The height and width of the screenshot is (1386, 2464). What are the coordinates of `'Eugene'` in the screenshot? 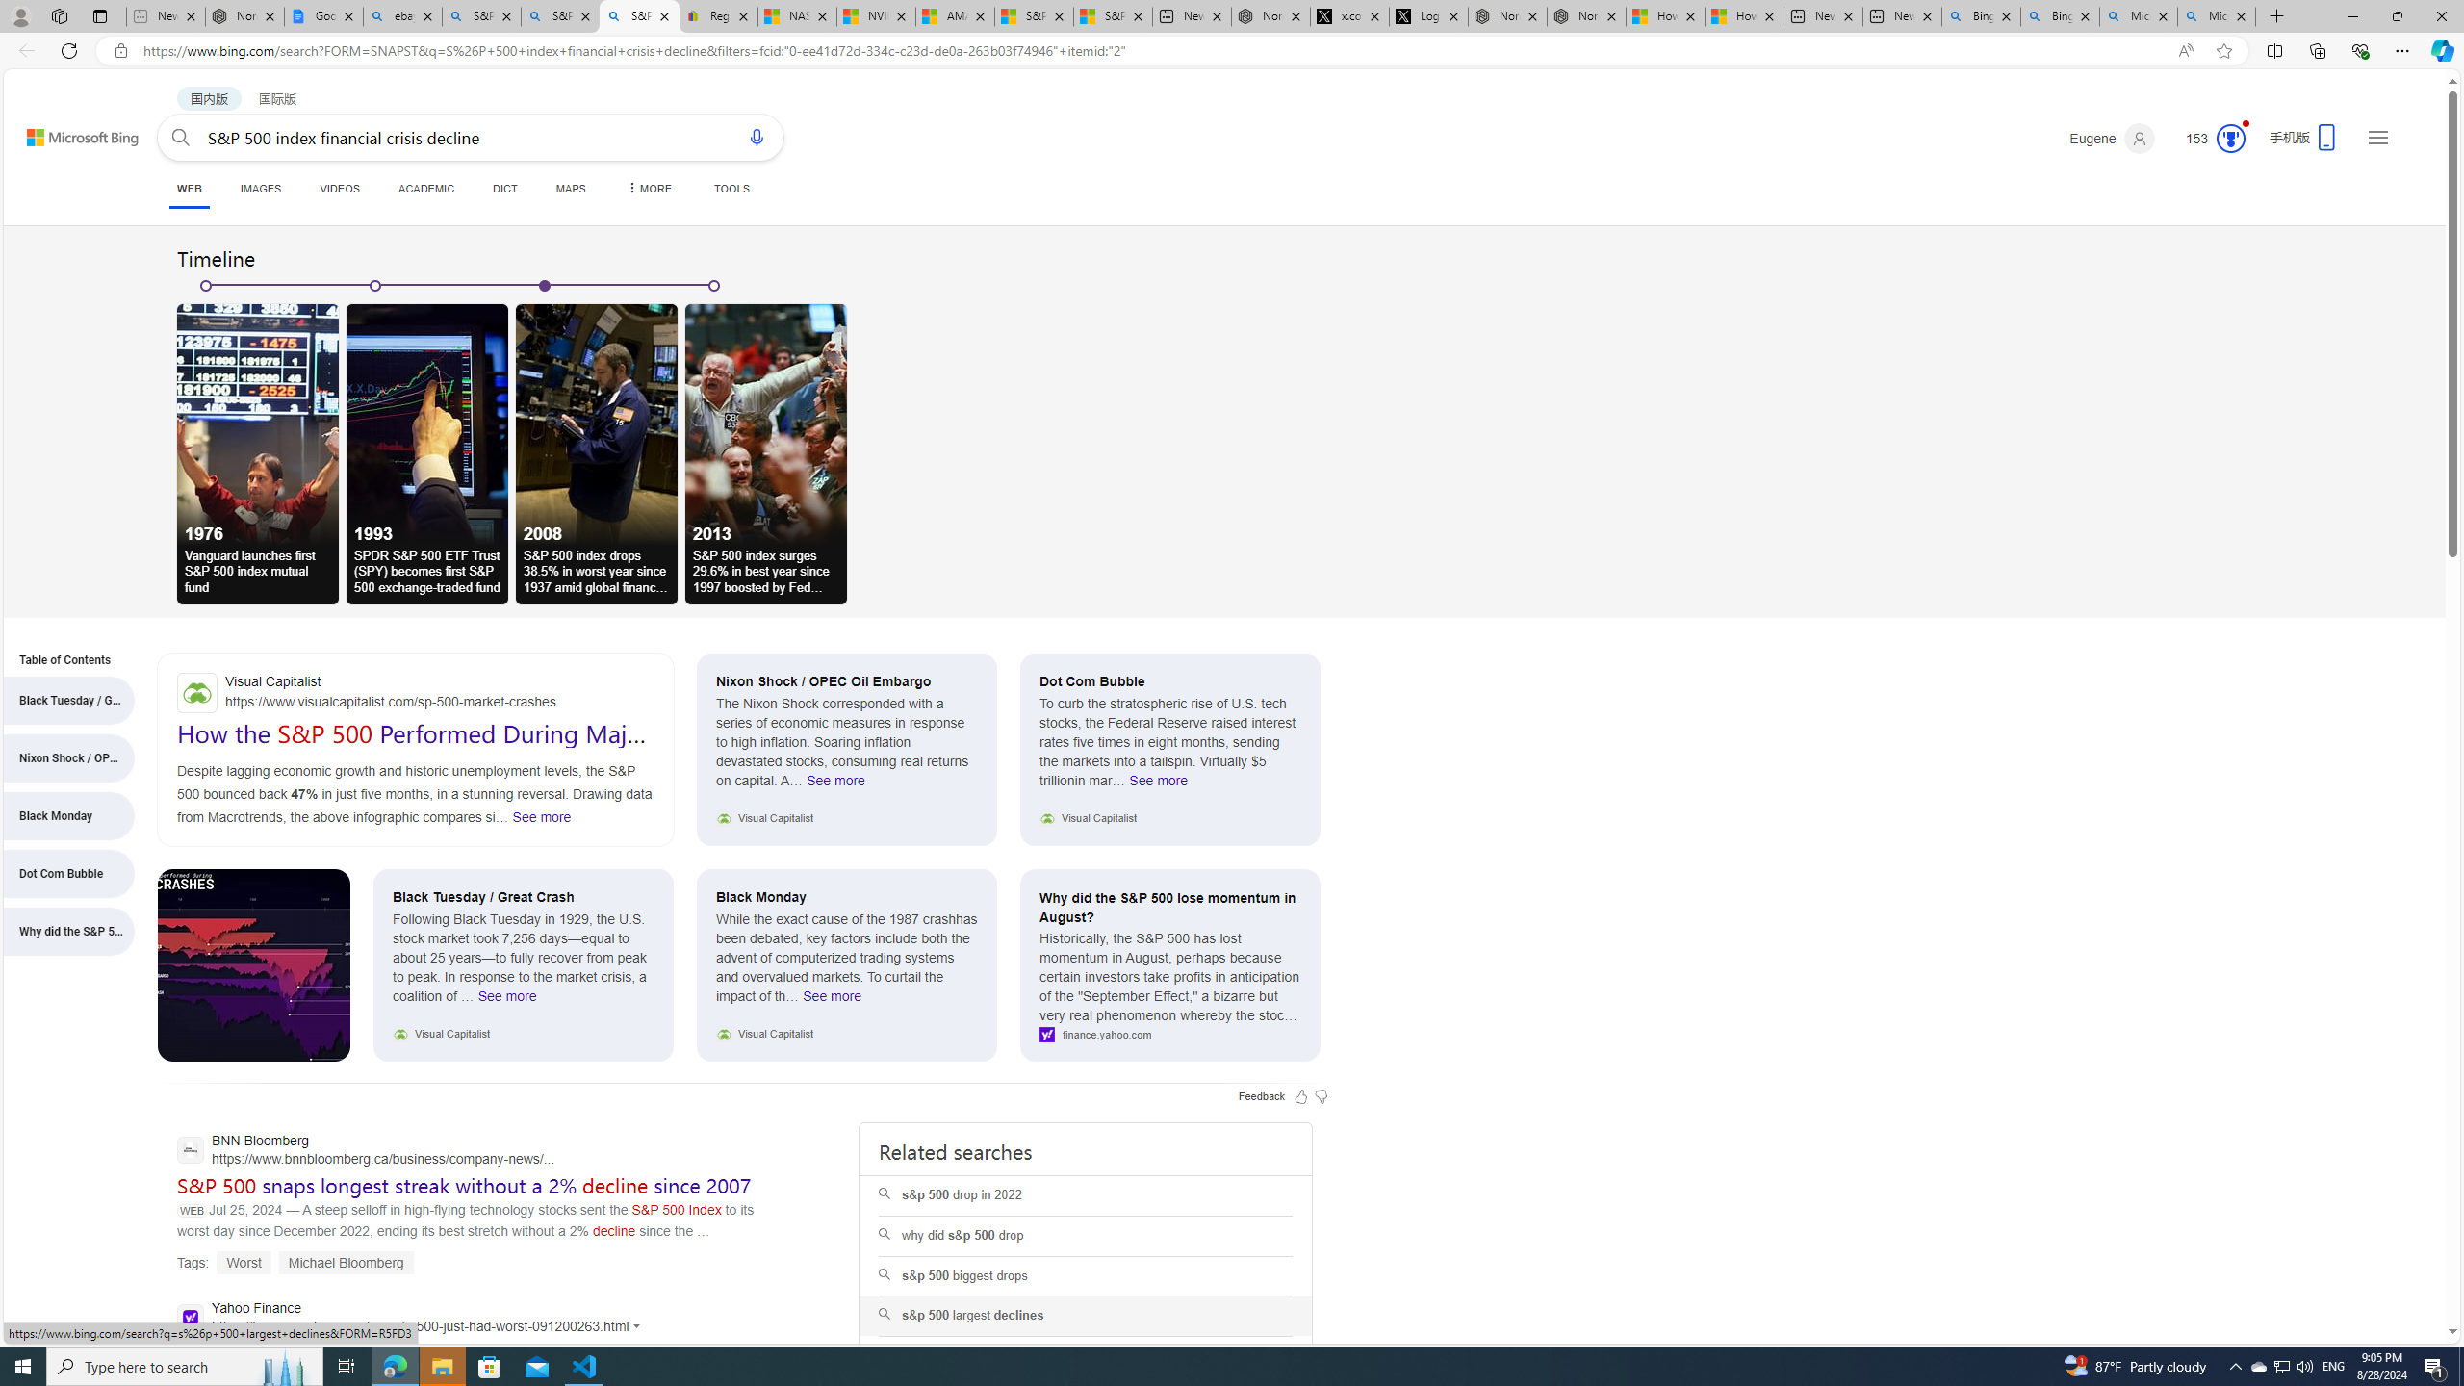 It's located at (2112, 138).